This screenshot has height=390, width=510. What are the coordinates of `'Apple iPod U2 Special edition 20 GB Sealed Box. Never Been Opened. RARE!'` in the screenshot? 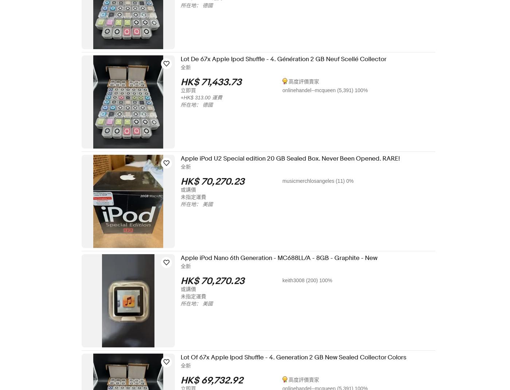 It's located at (295, 158).